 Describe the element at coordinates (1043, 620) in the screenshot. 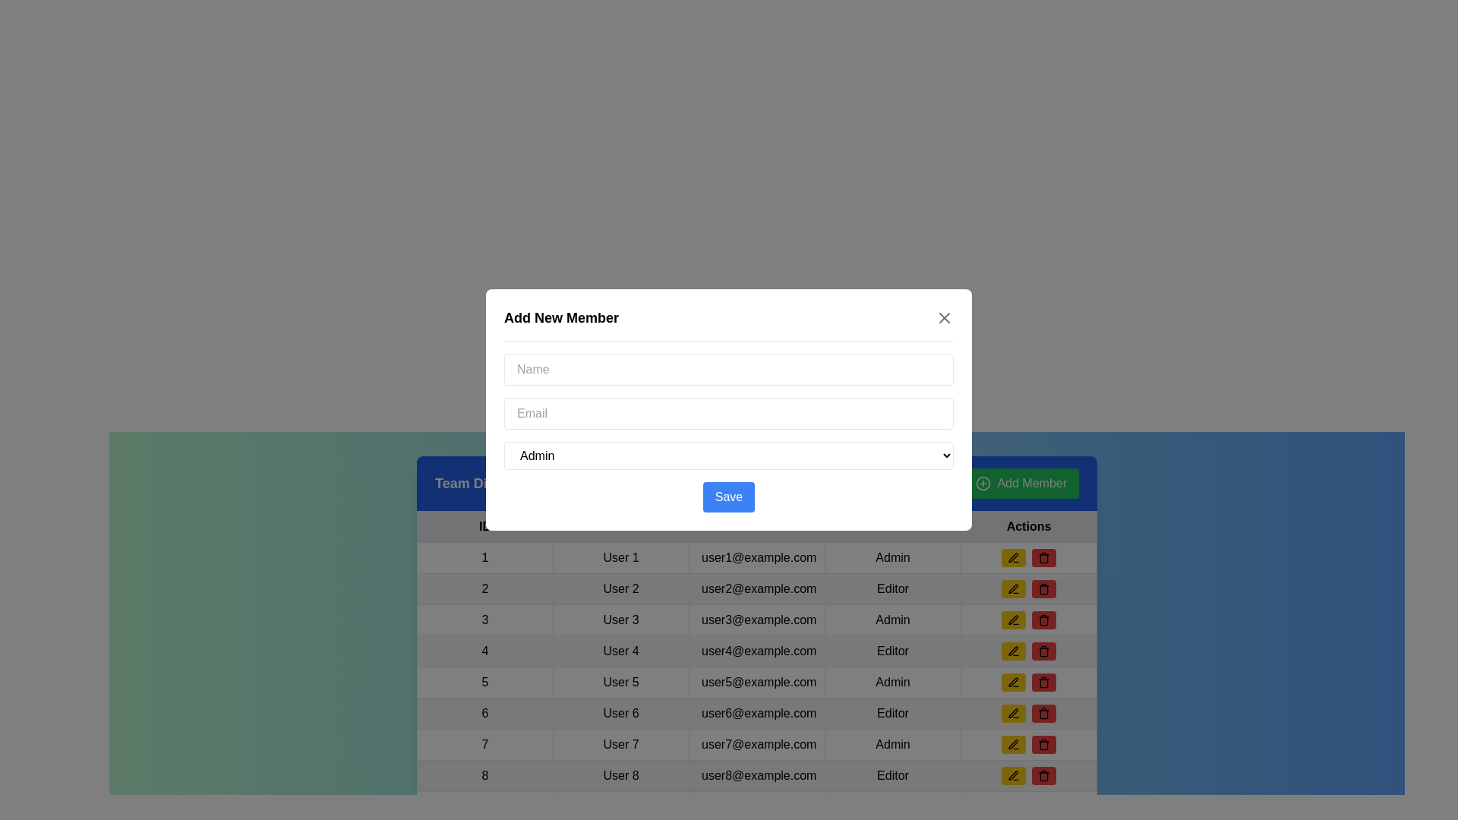

I see `the fifth trash can icon in the Actions column of the table layout to interact` at that location.